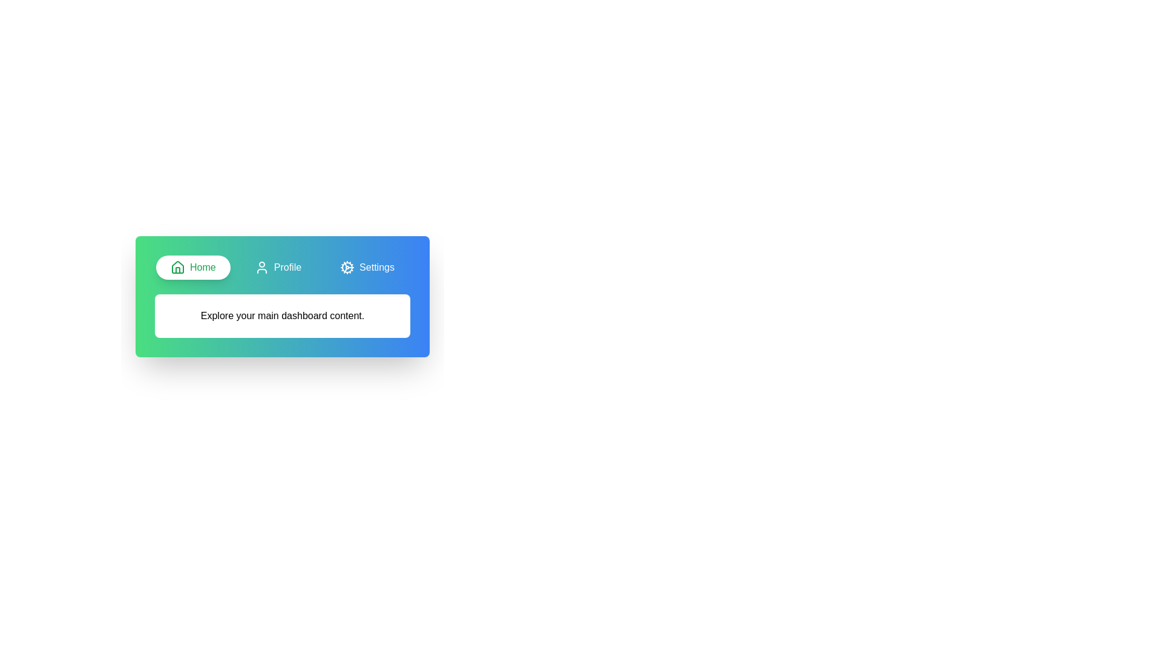 The width and height of the screenshot is (1162, 654). Describe the element at coordinates (367, 267) in the screenshot. I see `the tab labeled Settings` at that location.